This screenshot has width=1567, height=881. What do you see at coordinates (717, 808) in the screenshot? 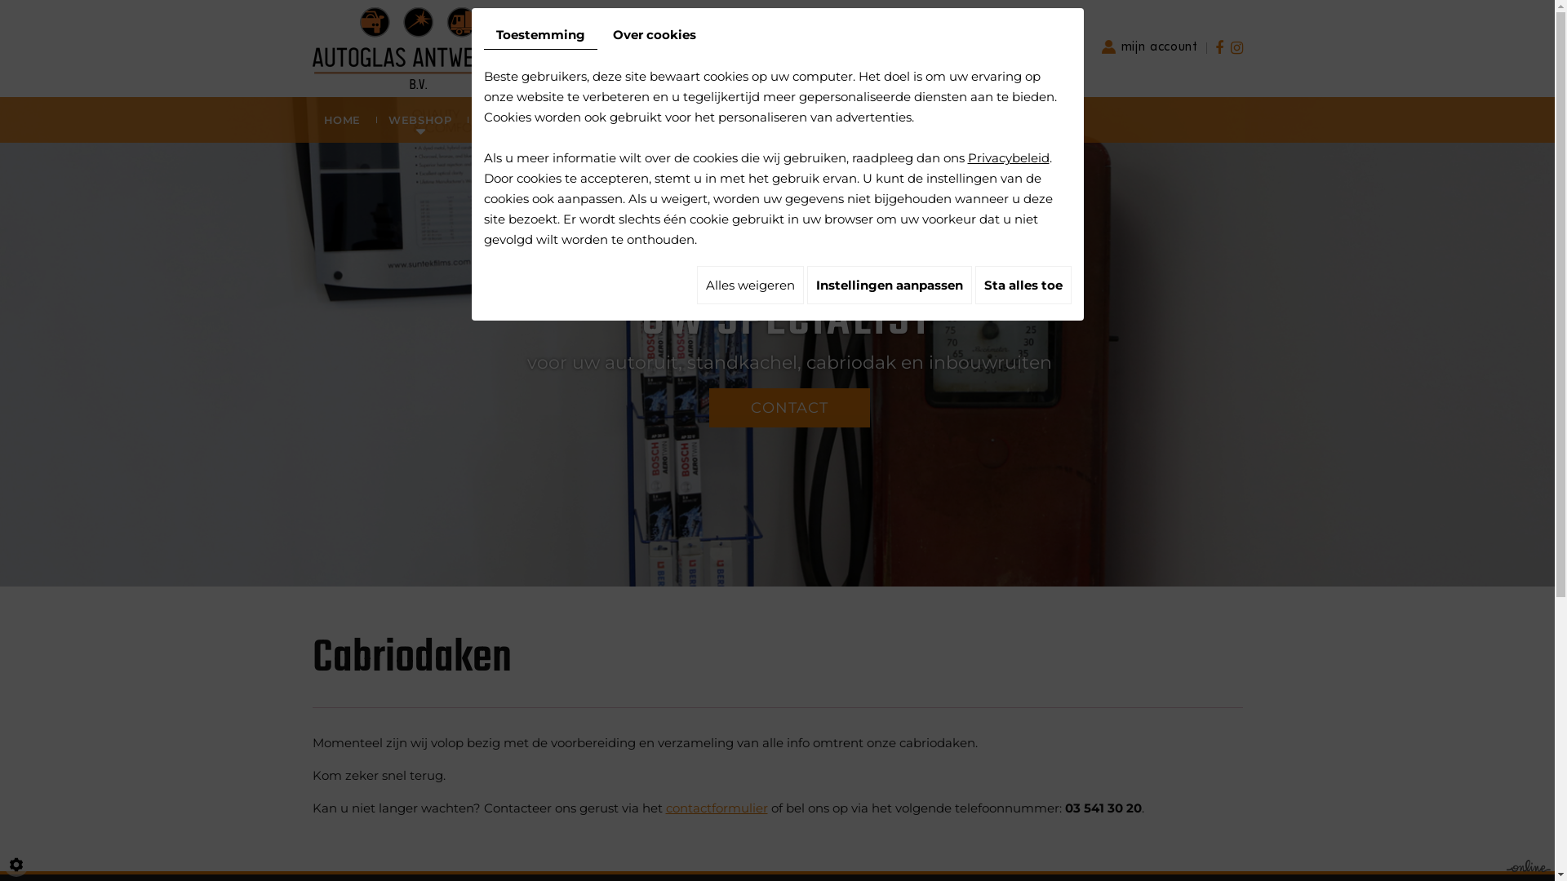
I see `'contactformulier'` at bounding box center [717, 808].